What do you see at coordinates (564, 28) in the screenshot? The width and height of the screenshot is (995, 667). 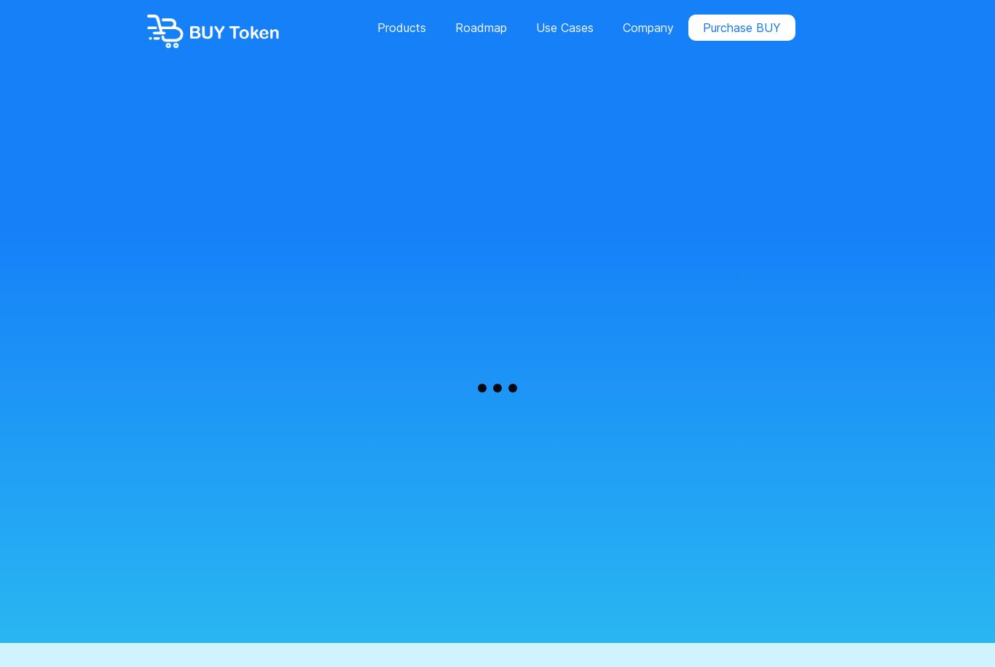 I see `'Use Cases'` at bounding box center [564, 28].